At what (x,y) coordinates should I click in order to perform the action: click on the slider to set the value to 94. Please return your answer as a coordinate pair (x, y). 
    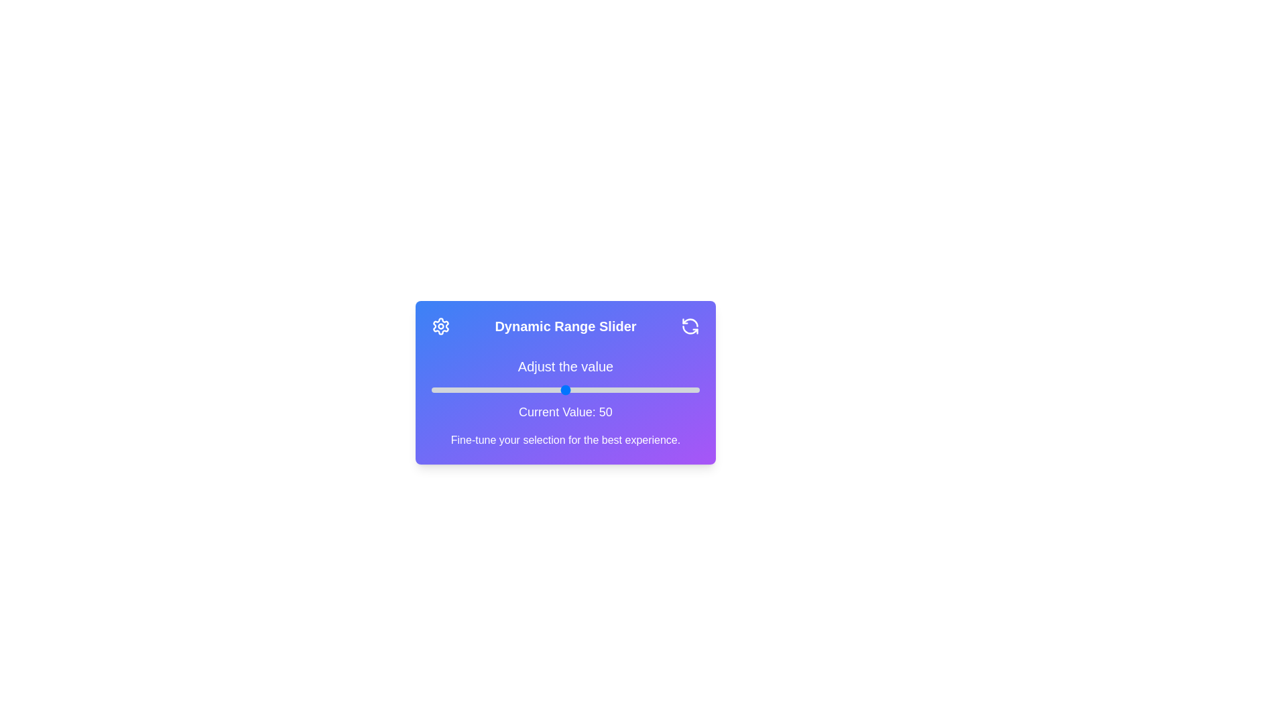
    Looking at the image, I should click on (683, 390).